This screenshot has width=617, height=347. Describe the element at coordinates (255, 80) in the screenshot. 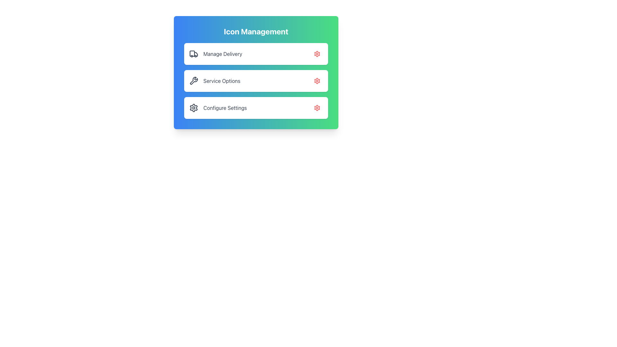

I see `the middle panel item in the vertical stack of service-related settings options, positioned between 'Manage Delivery' and 'Configure Settings'` at that location.